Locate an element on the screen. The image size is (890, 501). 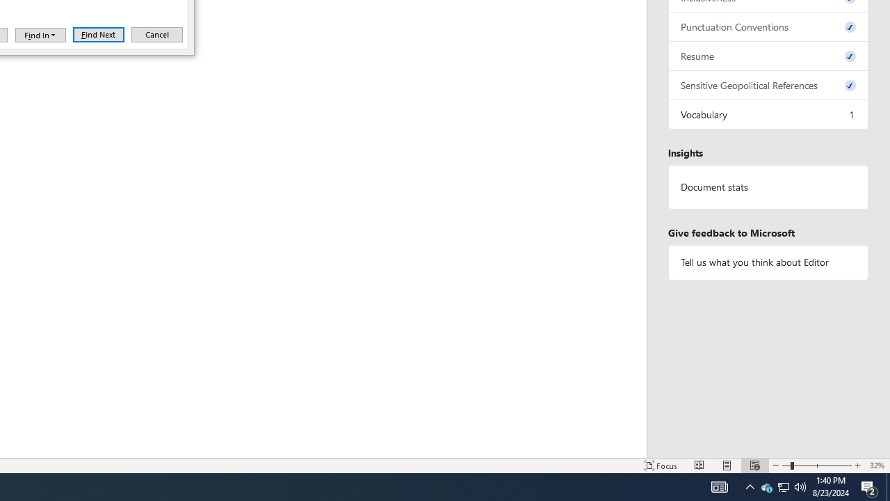
'Zoom 32%' is located at coordinates (876, 466).